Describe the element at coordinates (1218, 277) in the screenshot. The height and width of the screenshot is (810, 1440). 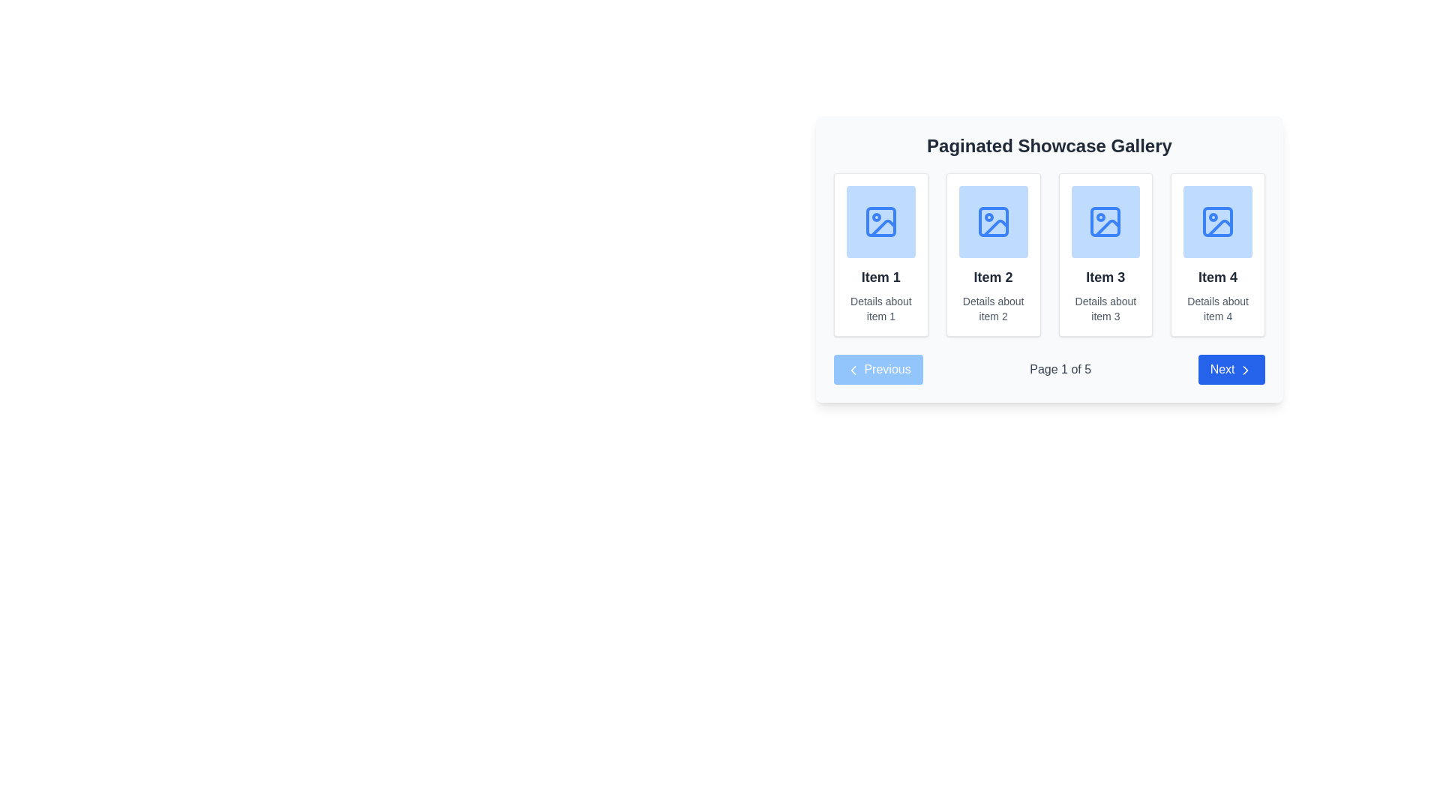
I see `the text label that displays the title or name of the fourth item in the gallery, which is located below a blue image icon and above the descriptive text 'Details about item 4'` at that location.